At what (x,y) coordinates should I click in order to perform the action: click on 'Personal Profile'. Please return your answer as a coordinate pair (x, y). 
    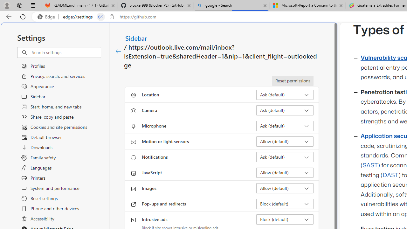
    Looking at the image, I should click on (7, 5).